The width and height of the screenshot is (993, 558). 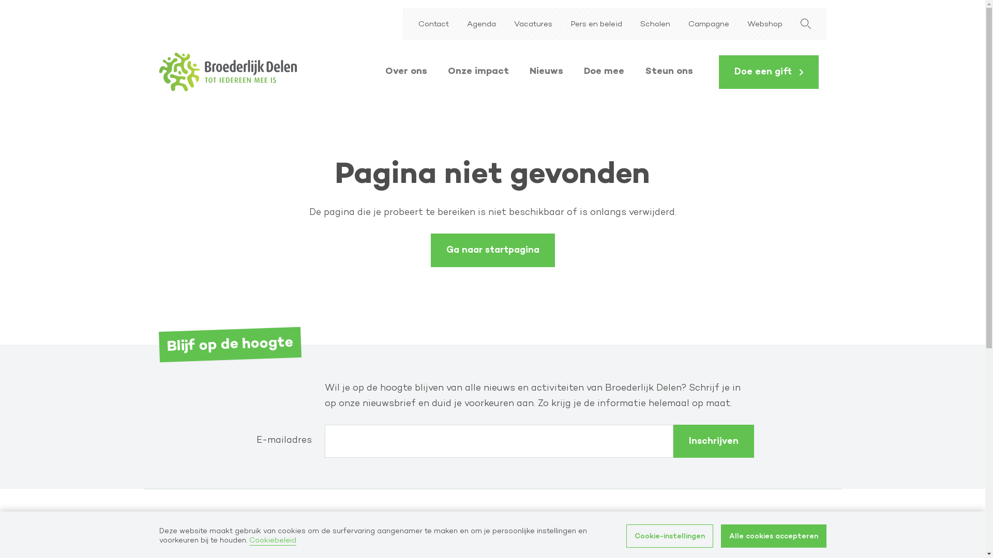 What do you see at coordinates (480, 23) in the screenshot?
I see `'Agenda'` at bounding box center [480, 23].